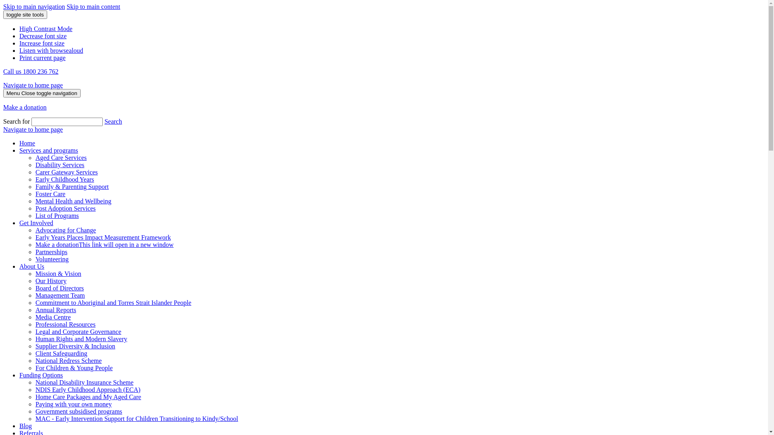  Describe the element at coordinates (33, 6) in the screenshot. I see `'Skip to main navigation'` at that location.